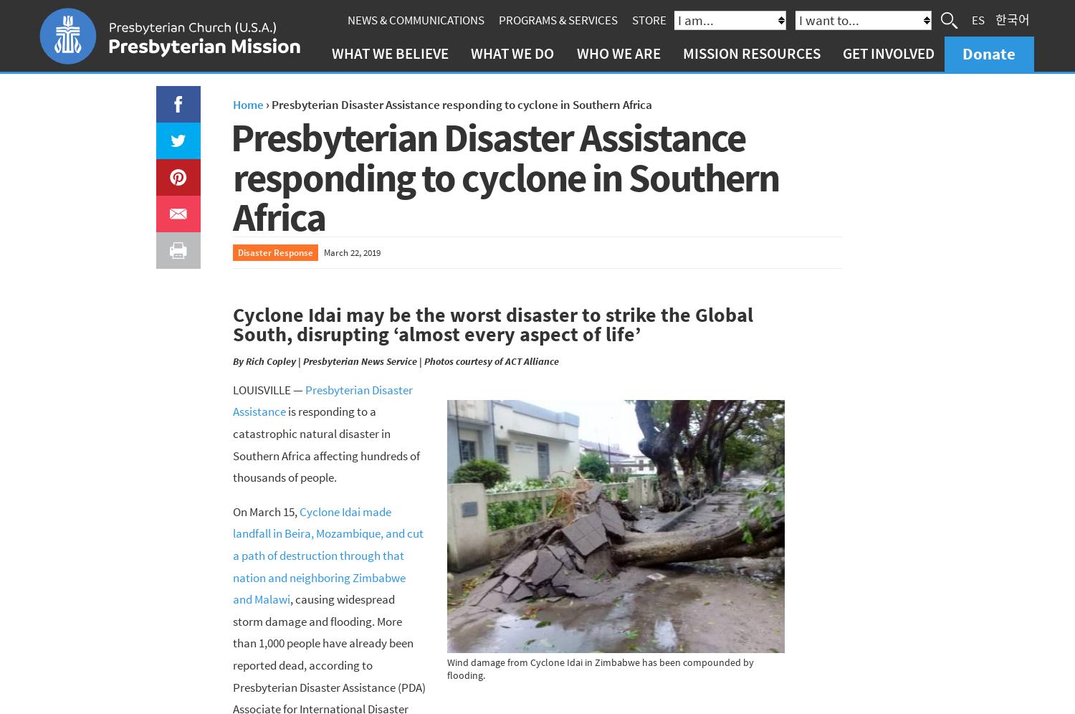 The width and height of the screenshot is (1075, 714). Describe the element at coordinates (275, 251) in the screenshot. I see `'Disaster Response'` at that location.